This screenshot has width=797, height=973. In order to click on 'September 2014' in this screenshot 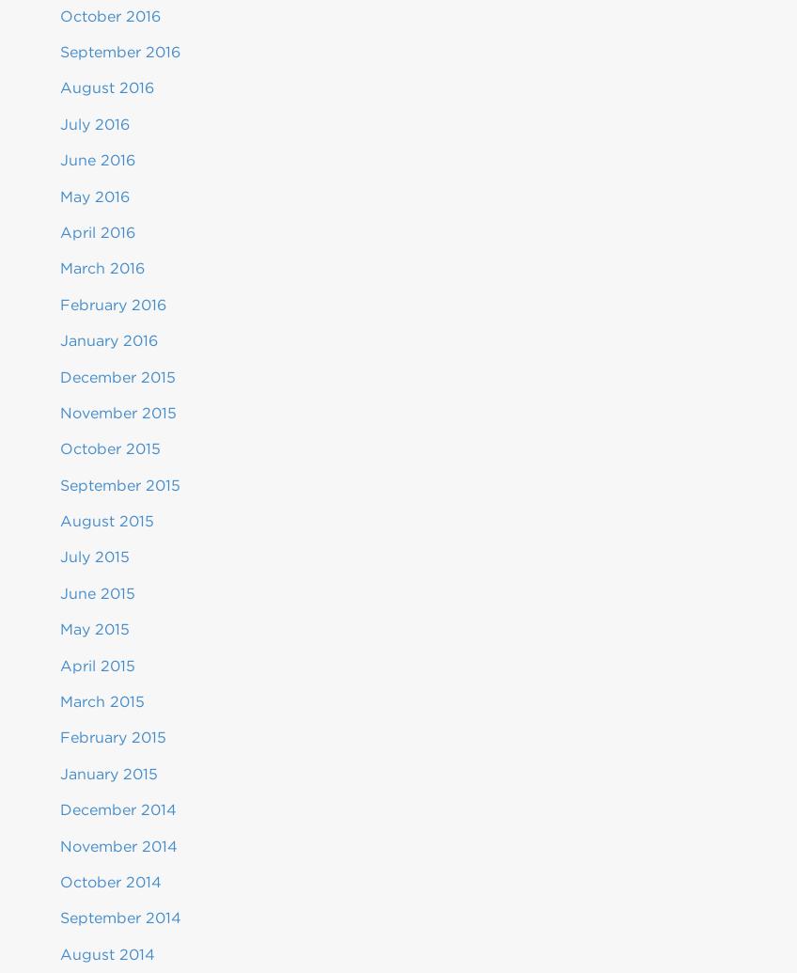, I will do `click(119, 917)`.